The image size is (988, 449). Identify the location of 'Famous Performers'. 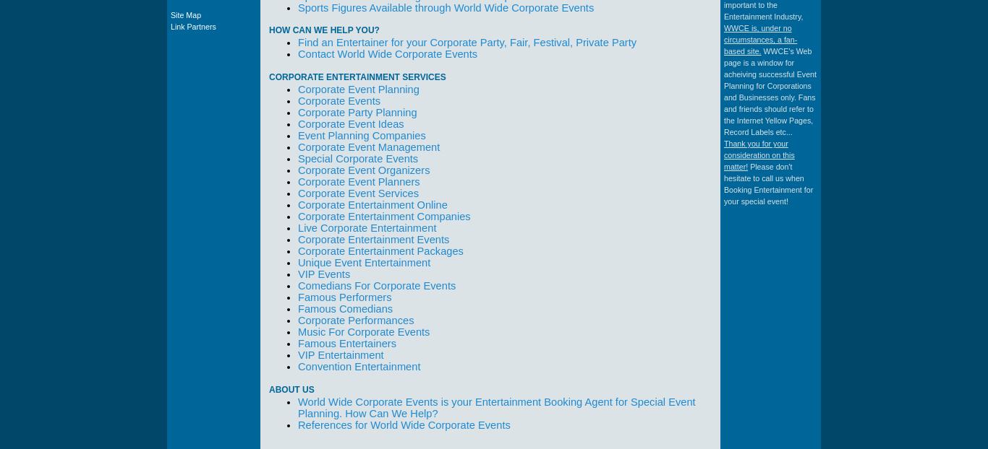
(344, 297).